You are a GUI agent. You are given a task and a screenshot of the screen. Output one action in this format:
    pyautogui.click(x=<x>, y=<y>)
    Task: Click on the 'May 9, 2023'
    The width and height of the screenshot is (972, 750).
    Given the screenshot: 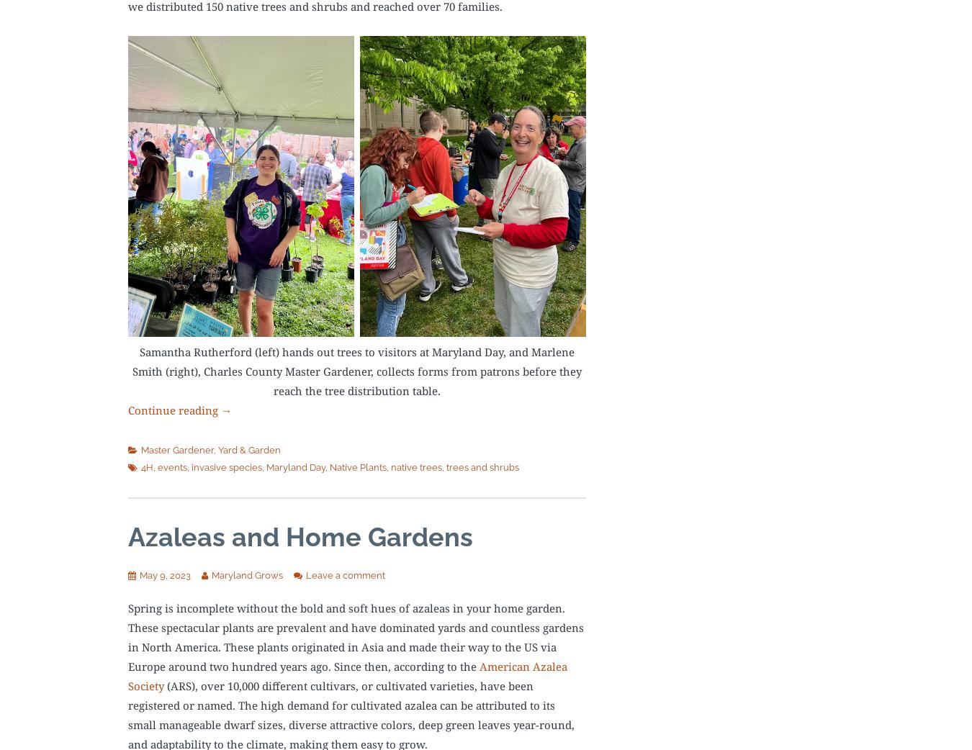 What is the action you would take?
    pyautogui.click(x=164, y=574)
    